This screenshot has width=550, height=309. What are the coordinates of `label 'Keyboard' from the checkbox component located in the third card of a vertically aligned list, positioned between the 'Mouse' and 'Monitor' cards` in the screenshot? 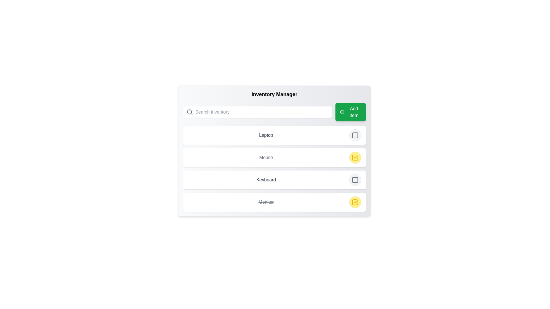 It's located at (274, 179).